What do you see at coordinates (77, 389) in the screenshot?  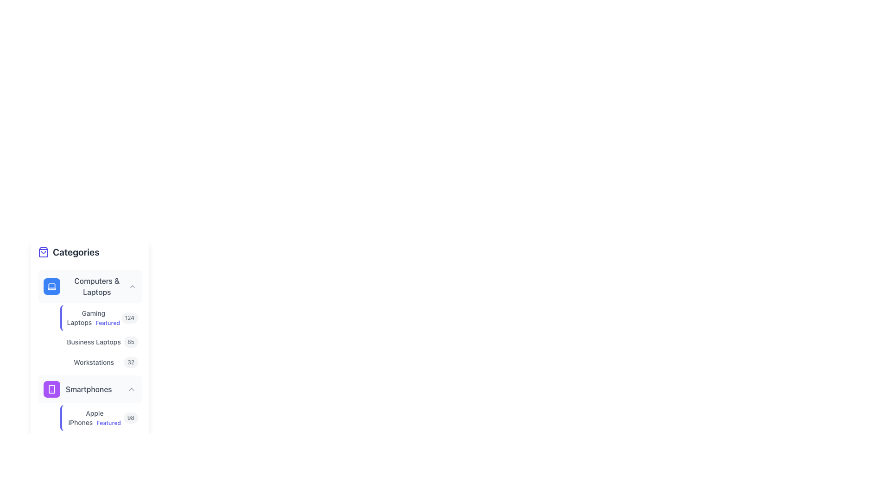 I see `the 'Smartphones' label with icon in the navigation menu, which is located as the secondary item under the 'Categories' section of the sidebar, below 'Computers & Laptops' and above 'Apple iPhones'` at bounding box center [77, 389].